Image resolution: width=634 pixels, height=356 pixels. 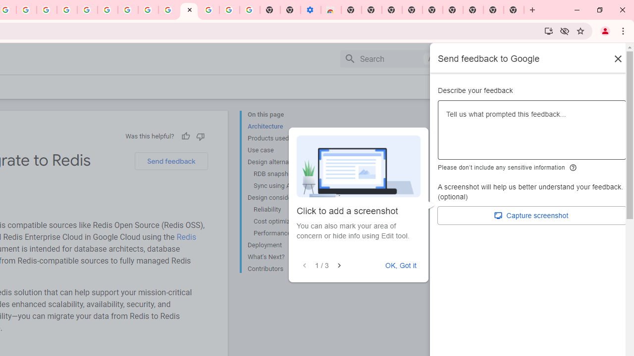 What do you see at coordinates (171, 161) in the screenshot?
I see `'Send feedback'` at bounding box center [171, 161].